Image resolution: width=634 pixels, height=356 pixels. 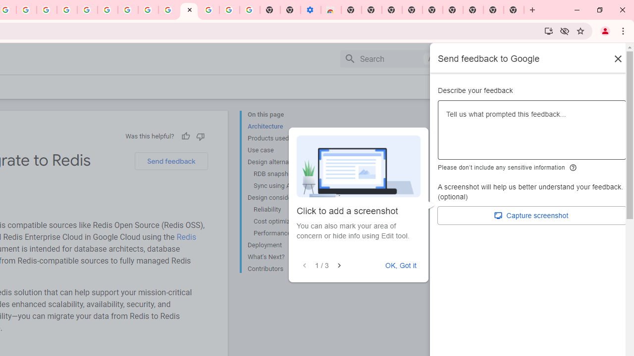 What do you see at coordinates (171, 161) in the screenshot?
I see `'Send feedback'` at bounding box center [171, 161].